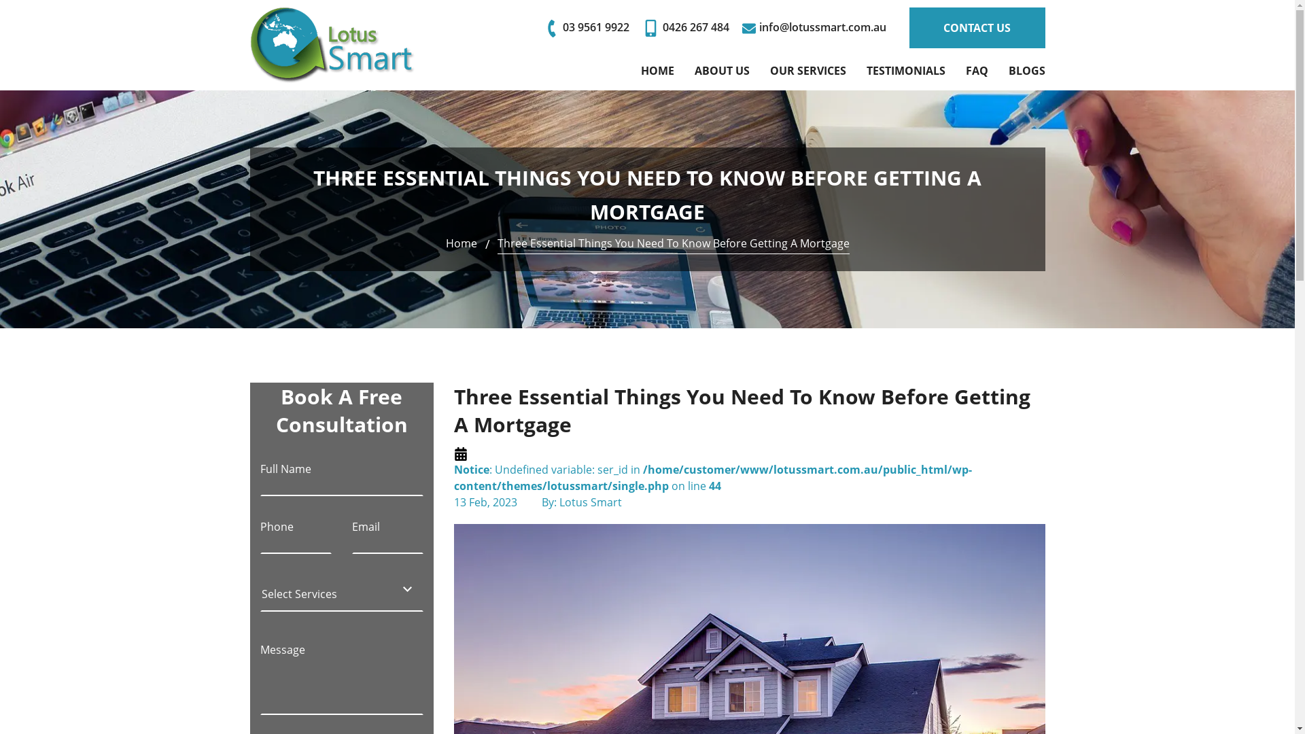 Image resolution: width=1305 pixels, height=734 pixels. What do you see at coordinates (769, 71) in the screenshot?
I see `'OUR SERVICES'` at bounding box center [769, 71].